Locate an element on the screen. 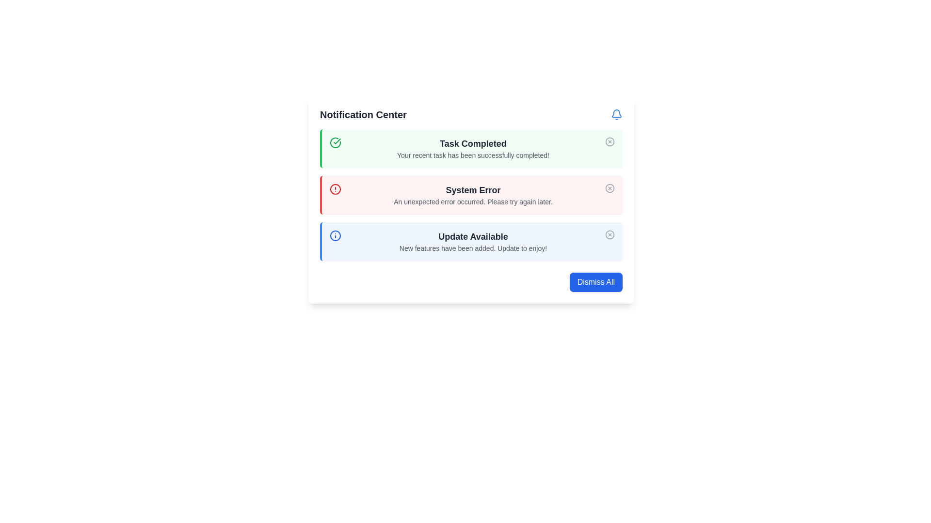 This screenshot has width=931, height=523. the Text Label displaying 'Update Available', which is styled in bold and dark gray, located within the notification card is located at coordinates (473, 237).